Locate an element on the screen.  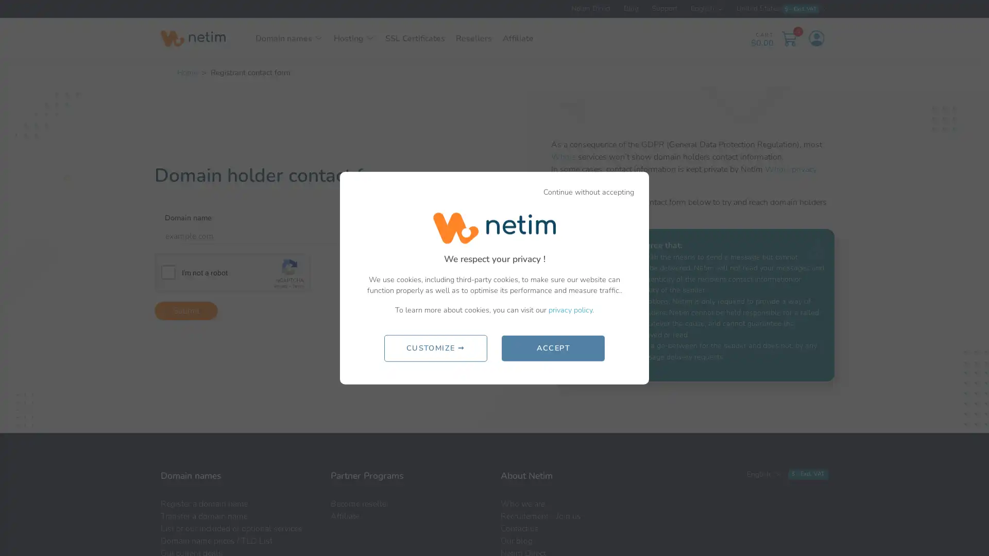
CUSTOMIZE is located at coordinates (435, 347).